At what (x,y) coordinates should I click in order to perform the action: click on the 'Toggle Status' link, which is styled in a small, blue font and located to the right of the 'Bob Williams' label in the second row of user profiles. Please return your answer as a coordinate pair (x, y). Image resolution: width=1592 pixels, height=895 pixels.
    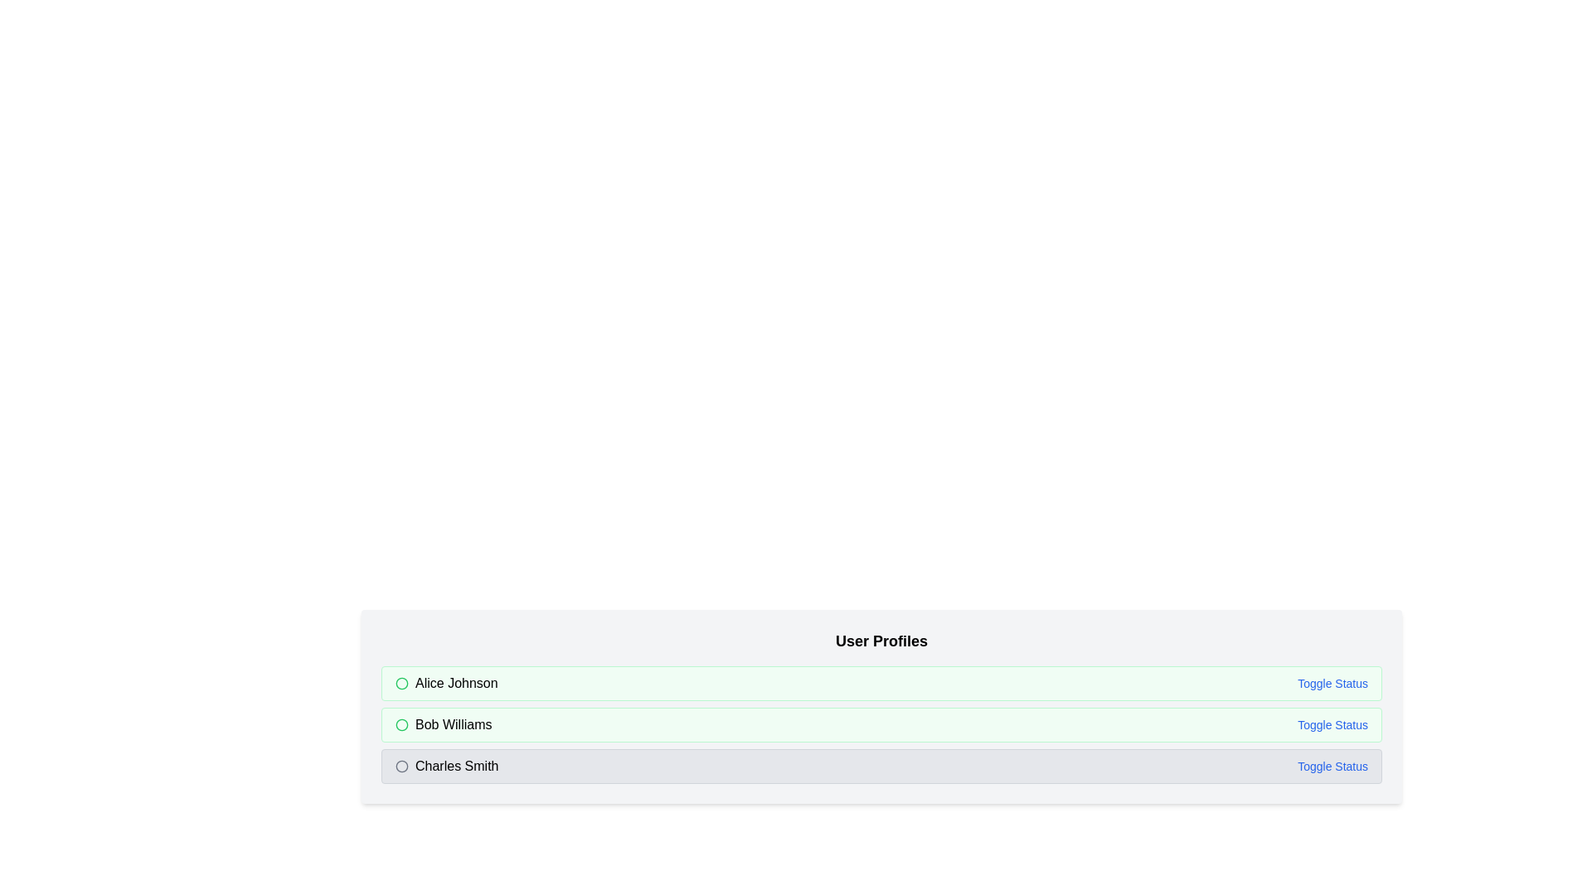
    Looking at the image, I should click on (1332, 724).